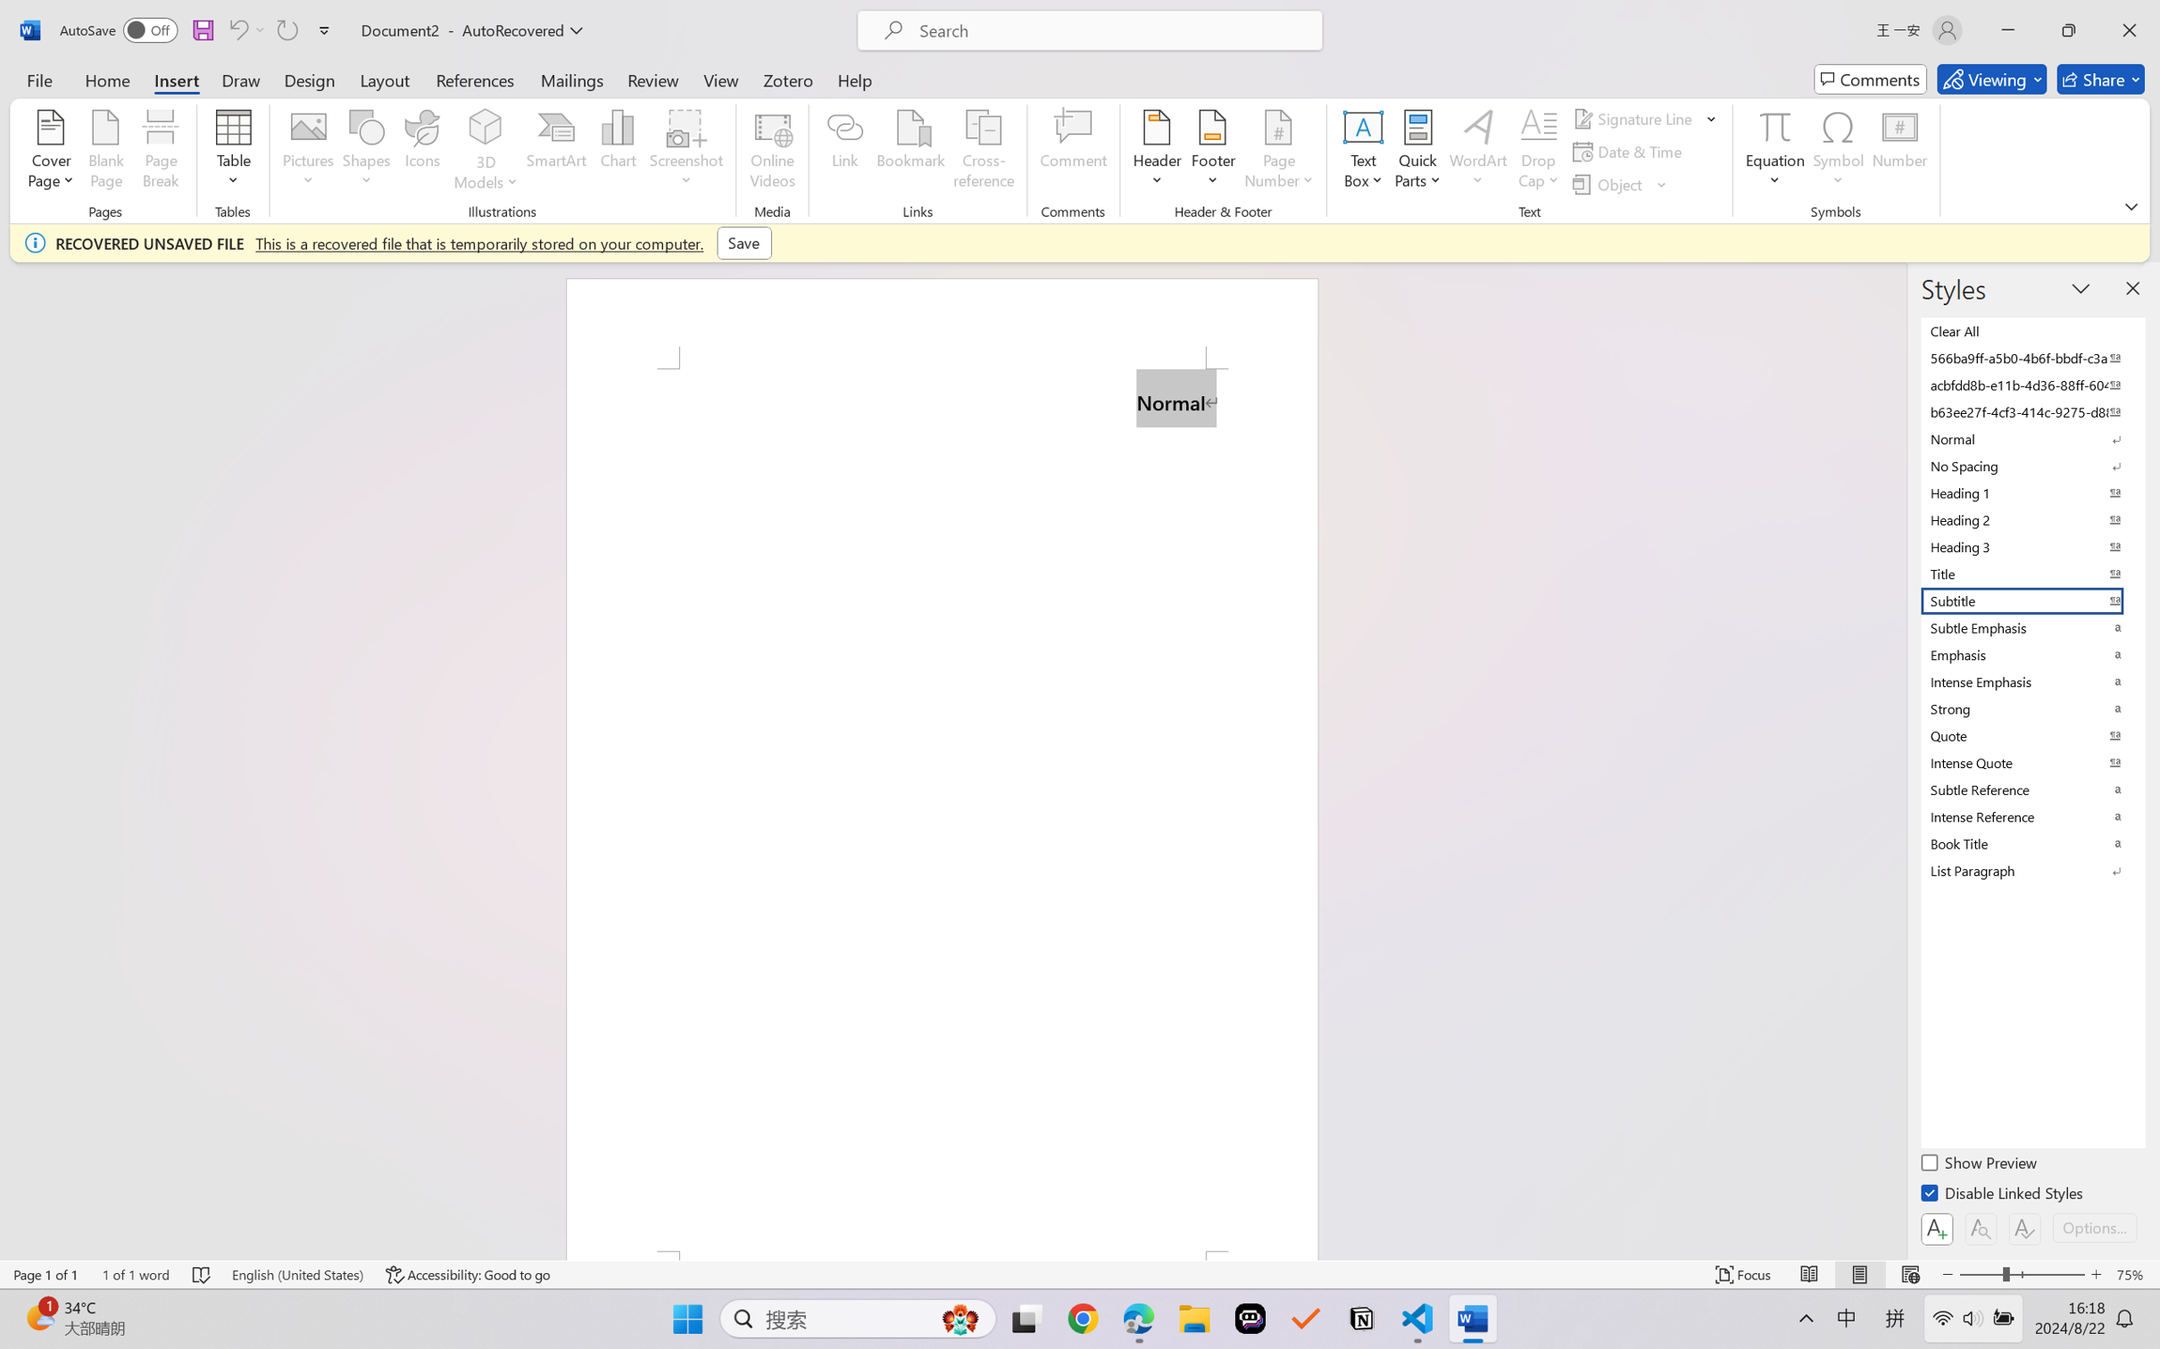  Describe the element at coordinates (286, 29) in the screenshot. I see `'Can'` at that location.